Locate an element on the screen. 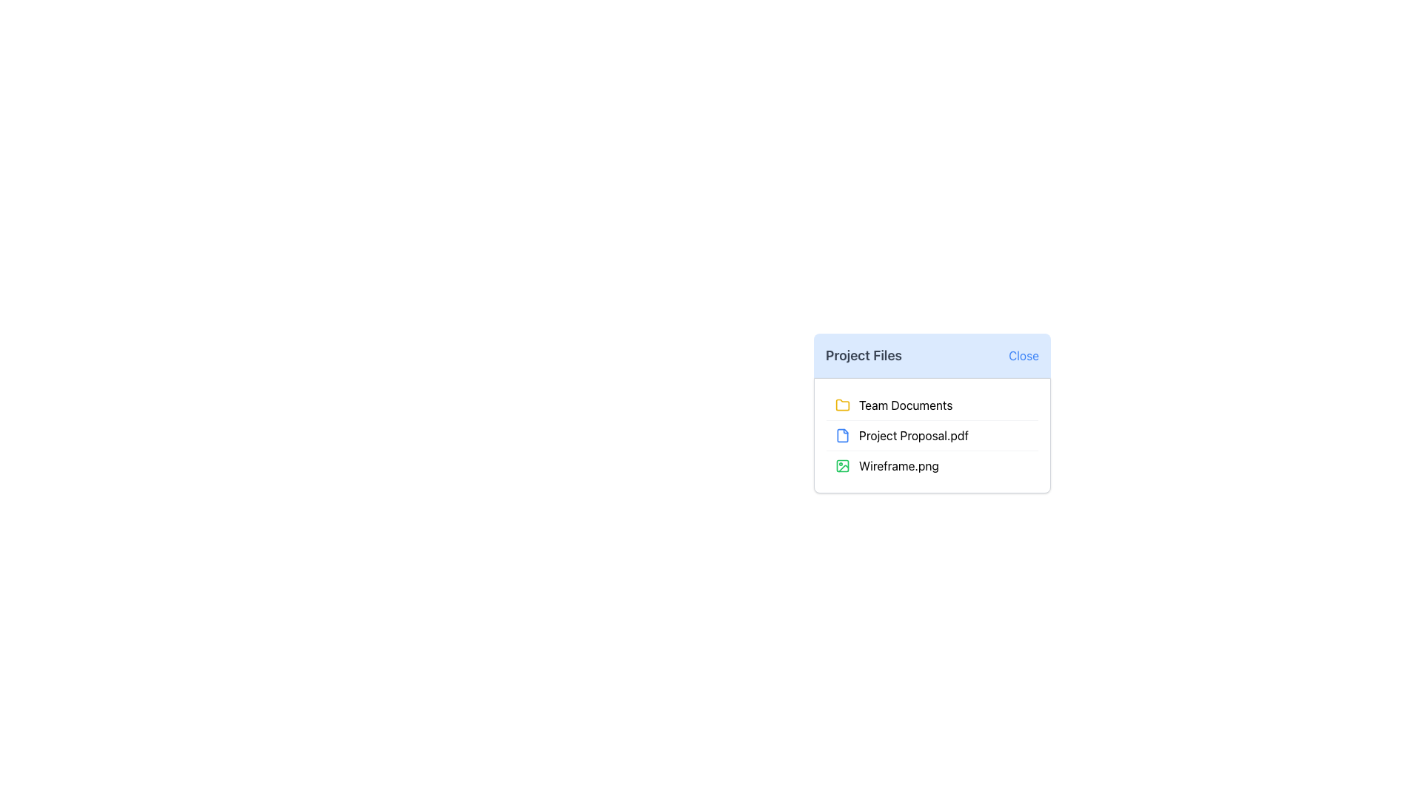 Image resolution: width=1422 pixels, height=799 pixels. text from the 'Project Files' label, which is bold and dark gray, located in the top-left area of a light blue header bar, adjacent to the 'Close' button is located at coordinates (864, 356).